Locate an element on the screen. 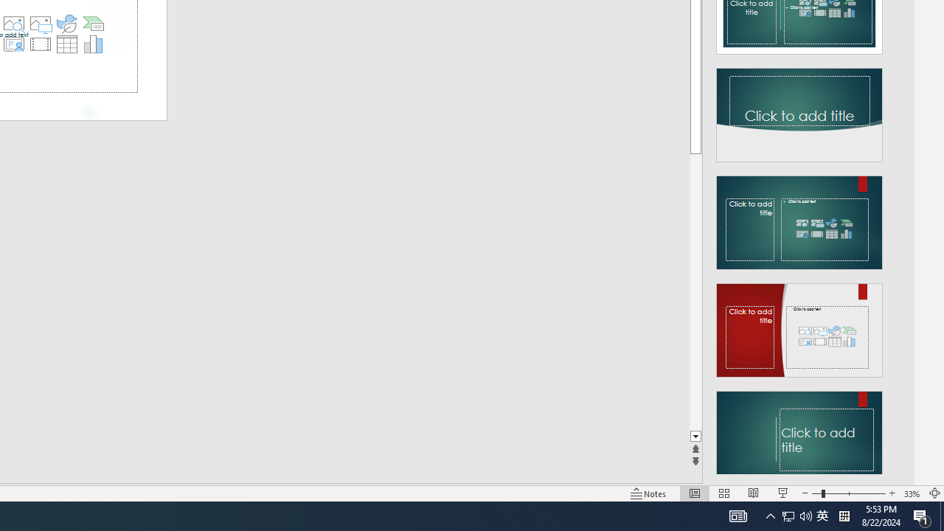 The width and height of the screenshot is (944, 531). 'Insert a SmartArt Graphic' is located at coordinates (93, 24).